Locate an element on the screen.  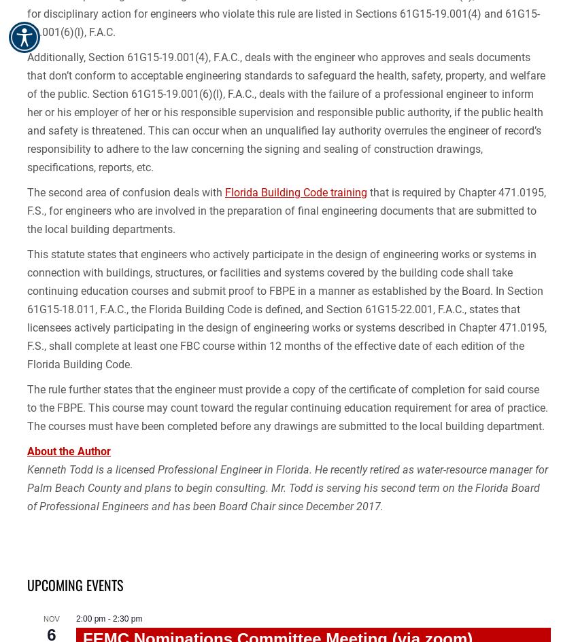
'About the Author' is located at coordinates (27, 450).